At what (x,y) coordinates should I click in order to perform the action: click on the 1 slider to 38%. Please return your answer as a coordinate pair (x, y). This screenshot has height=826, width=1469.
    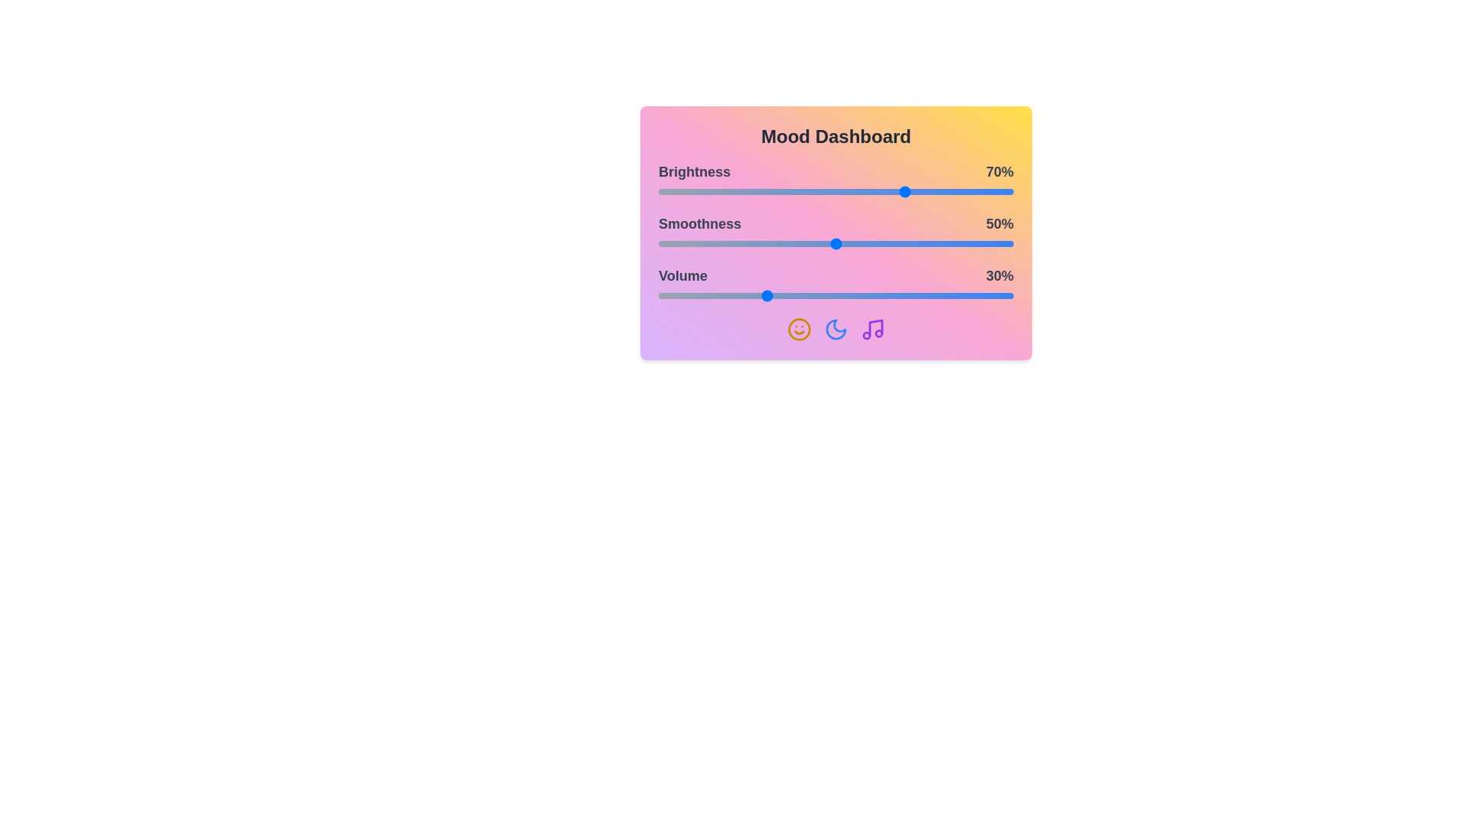
    Looking at the image, I should click on (793, 243).